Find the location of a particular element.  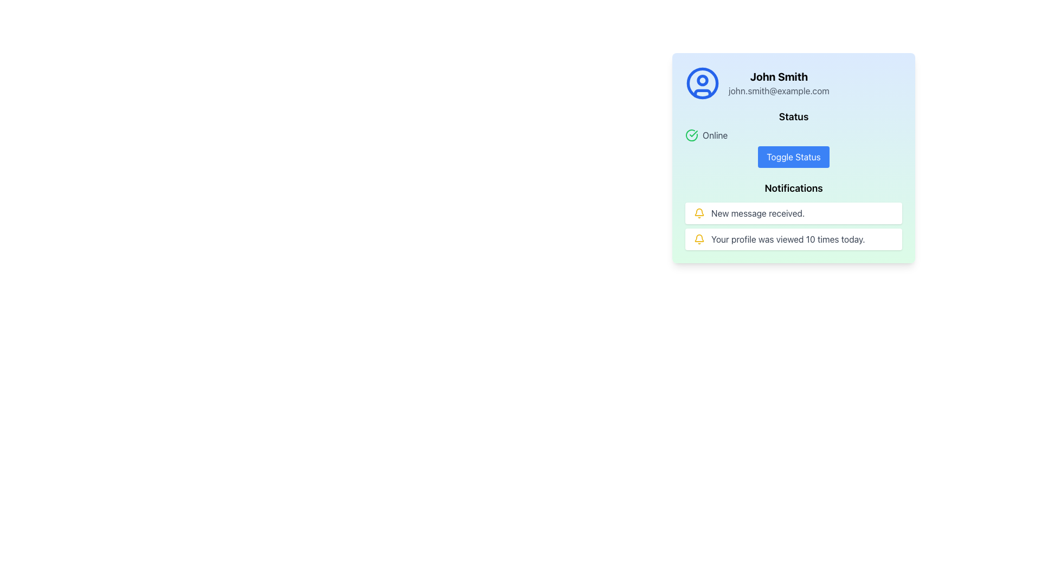

on the Circular User Icon, which is a distinctive blue outlined circular icon representing a user profile located above the text 'John Smith' and 'john.smith@example.com' in the profile summary section is located at coordinates (703, 83).